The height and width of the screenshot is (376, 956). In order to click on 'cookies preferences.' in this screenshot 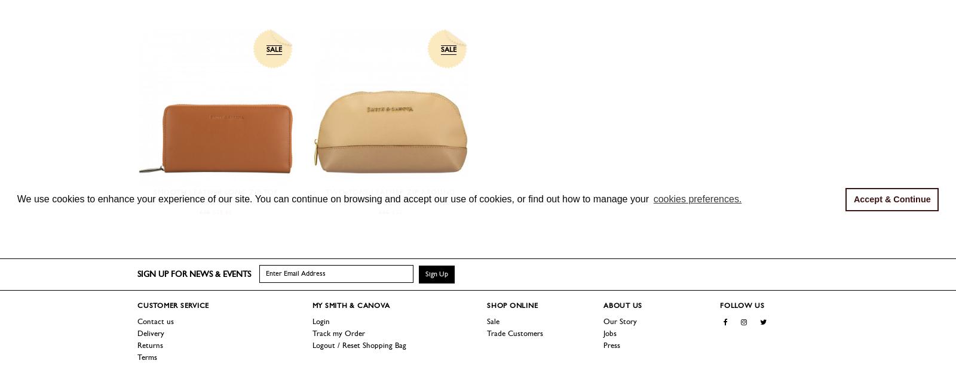, I will do `click(652, 198)`.